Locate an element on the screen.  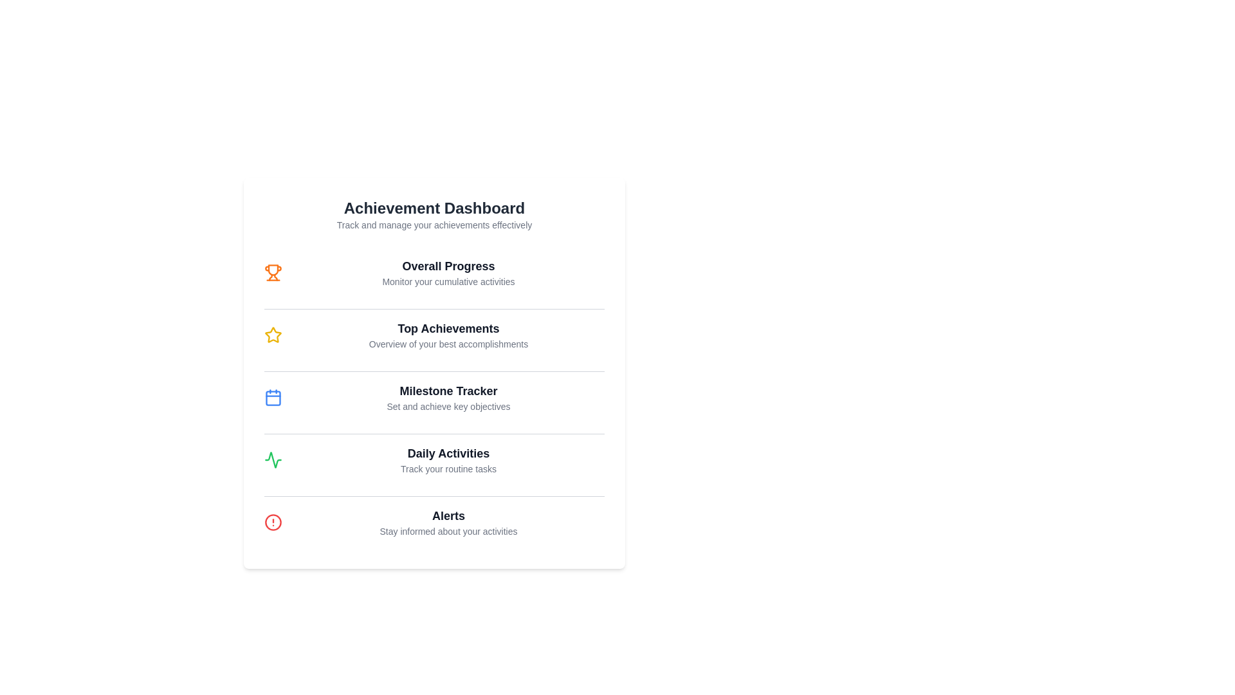
the Text Label that provides instructions related to the 'Daily Activities' title, located directly below the title in the Achievement Dashboard section is located at coordinates (448, 469).